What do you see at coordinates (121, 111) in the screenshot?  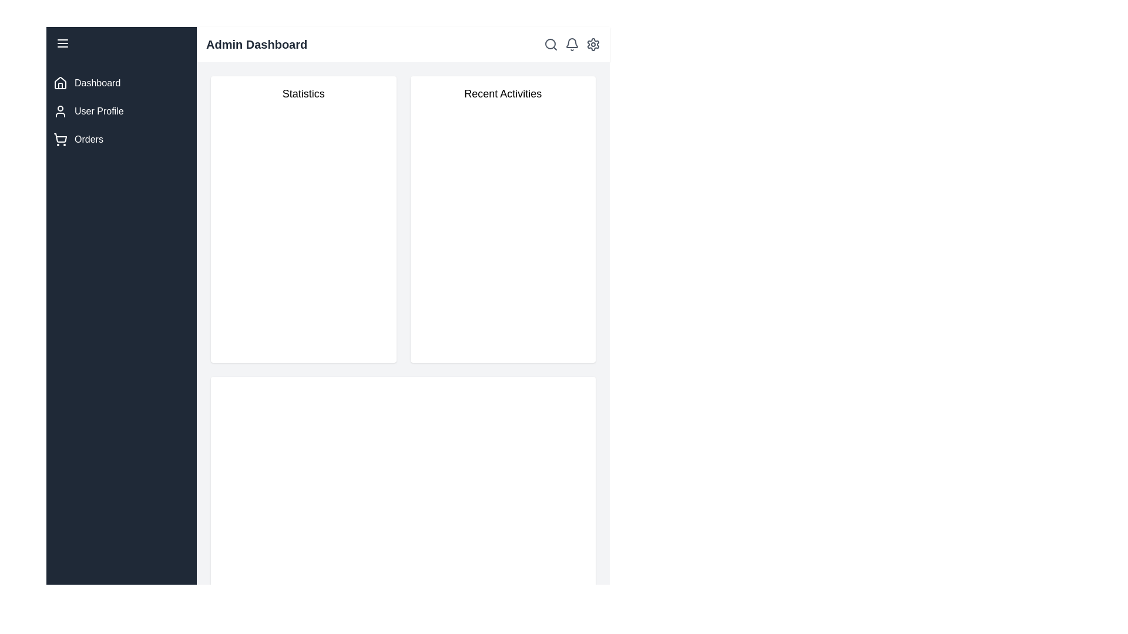 I see `the 'User Profile' menu item in the vertical navigation menu` at bounding box center [121, 111].